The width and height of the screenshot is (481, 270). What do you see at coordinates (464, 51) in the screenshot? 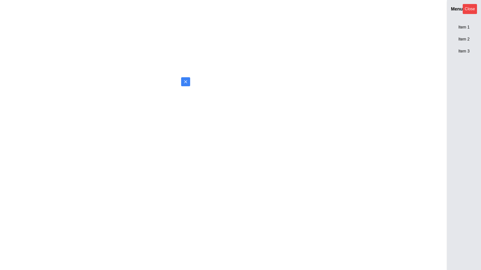
I see `the text label that displays 'Item 3' in the right sidebar menu, which is the third item in a vertical list of three elements` at bounding box center [464, 51].